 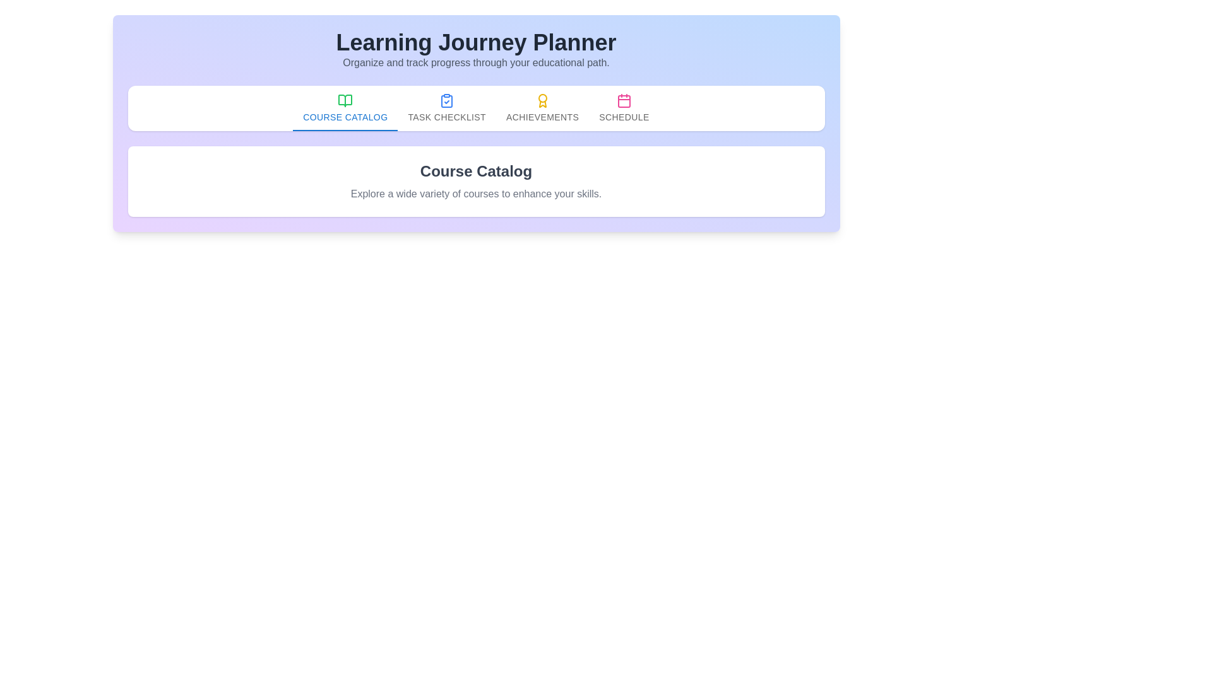 I want to click on the 'Course Catalog' tab in the tab bar with navigational buttons, so click(x=475, y=108).